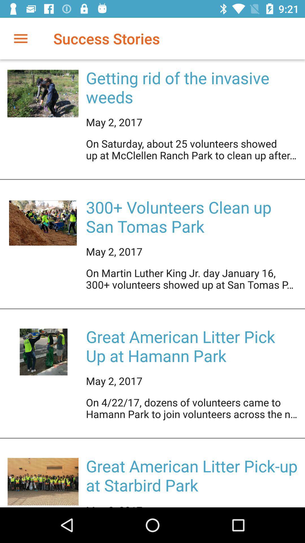  What do you see at coordinates (20, 38) in the screenshot?
I see `options menu` at bounding box center [20, 38].